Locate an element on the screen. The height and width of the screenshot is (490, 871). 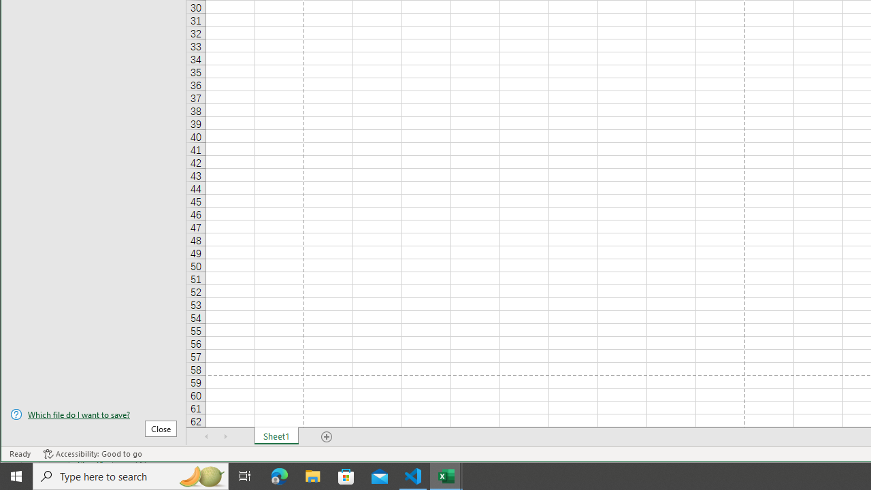
'Close' is located at coordinates (161, 429).